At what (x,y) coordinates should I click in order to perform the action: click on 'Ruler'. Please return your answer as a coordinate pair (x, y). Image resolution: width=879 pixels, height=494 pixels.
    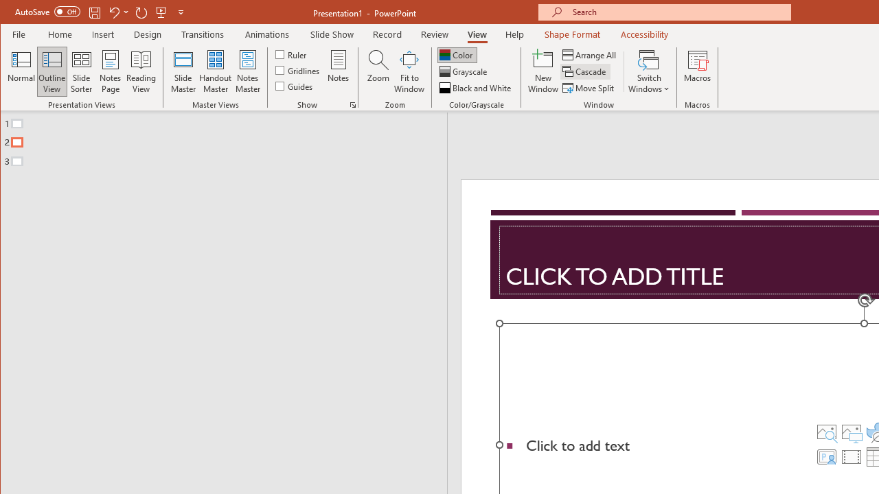
    Looking at the image, I should click on (291, 54).